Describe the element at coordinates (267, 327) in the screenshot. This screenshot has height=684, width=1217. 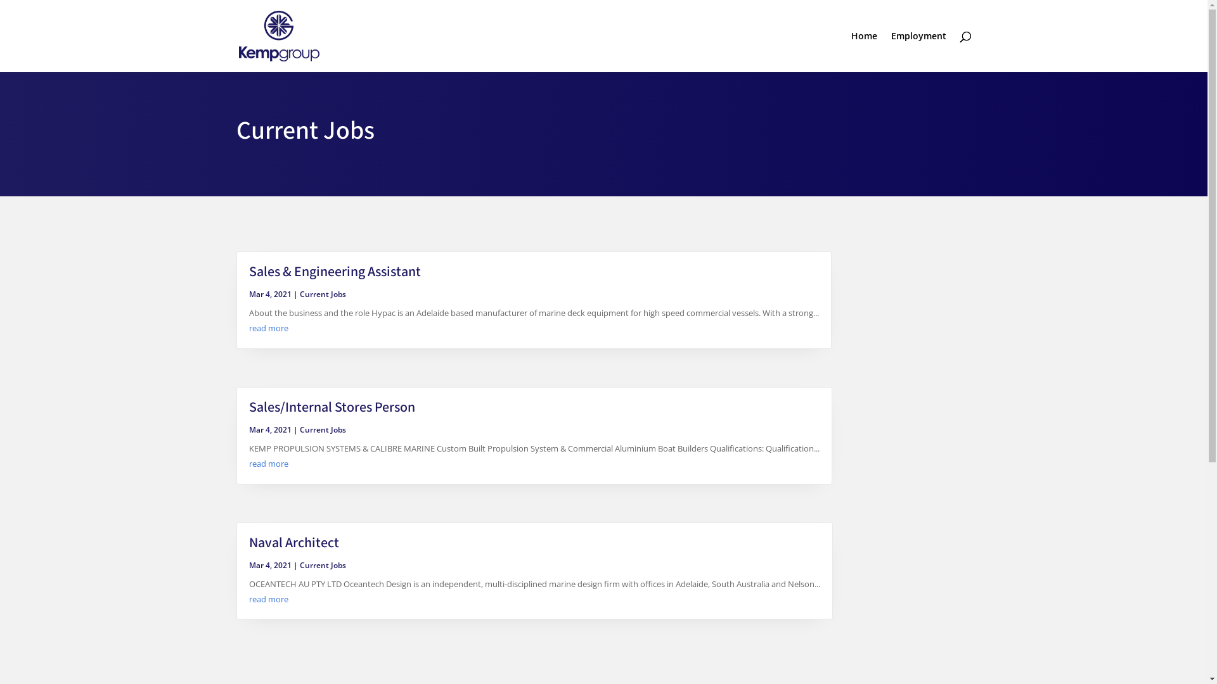
I see `'read more'` at that location.